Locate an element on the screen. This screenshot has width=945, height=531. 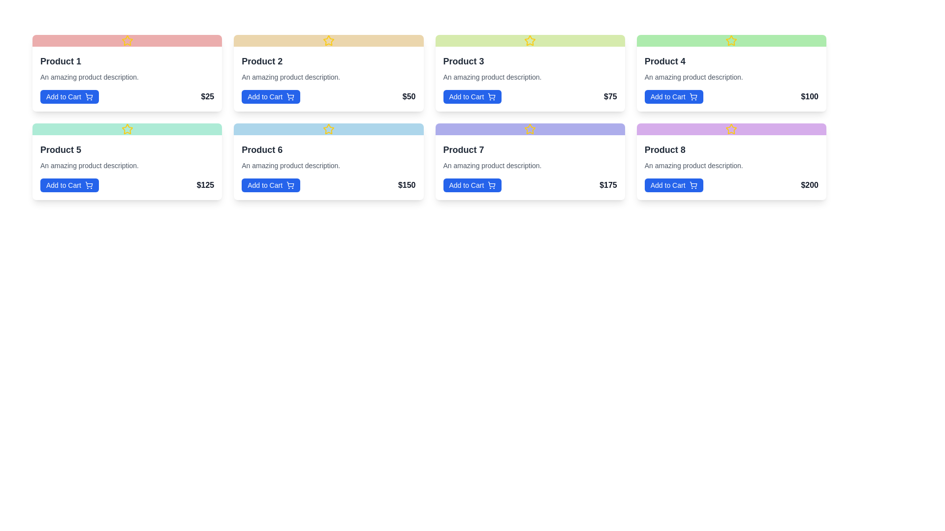
the decorative icon located at the top center of the 'Product 5' card, which signifies a featured product is located at coordinates (126, 128).